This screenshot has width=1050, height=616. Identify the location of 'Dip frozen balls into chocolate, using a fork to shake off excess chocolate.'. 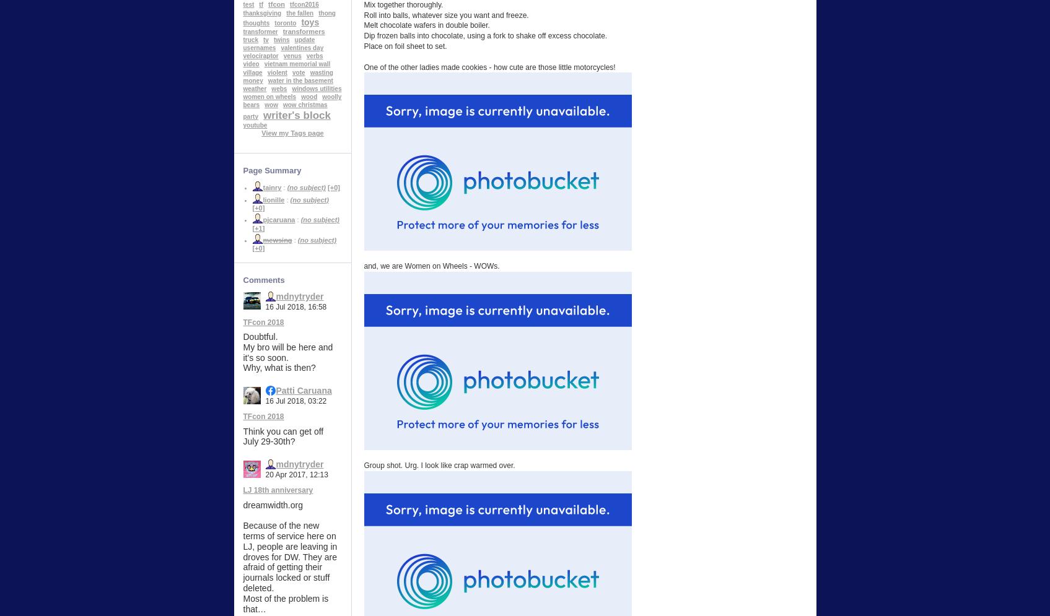
(363, 35).